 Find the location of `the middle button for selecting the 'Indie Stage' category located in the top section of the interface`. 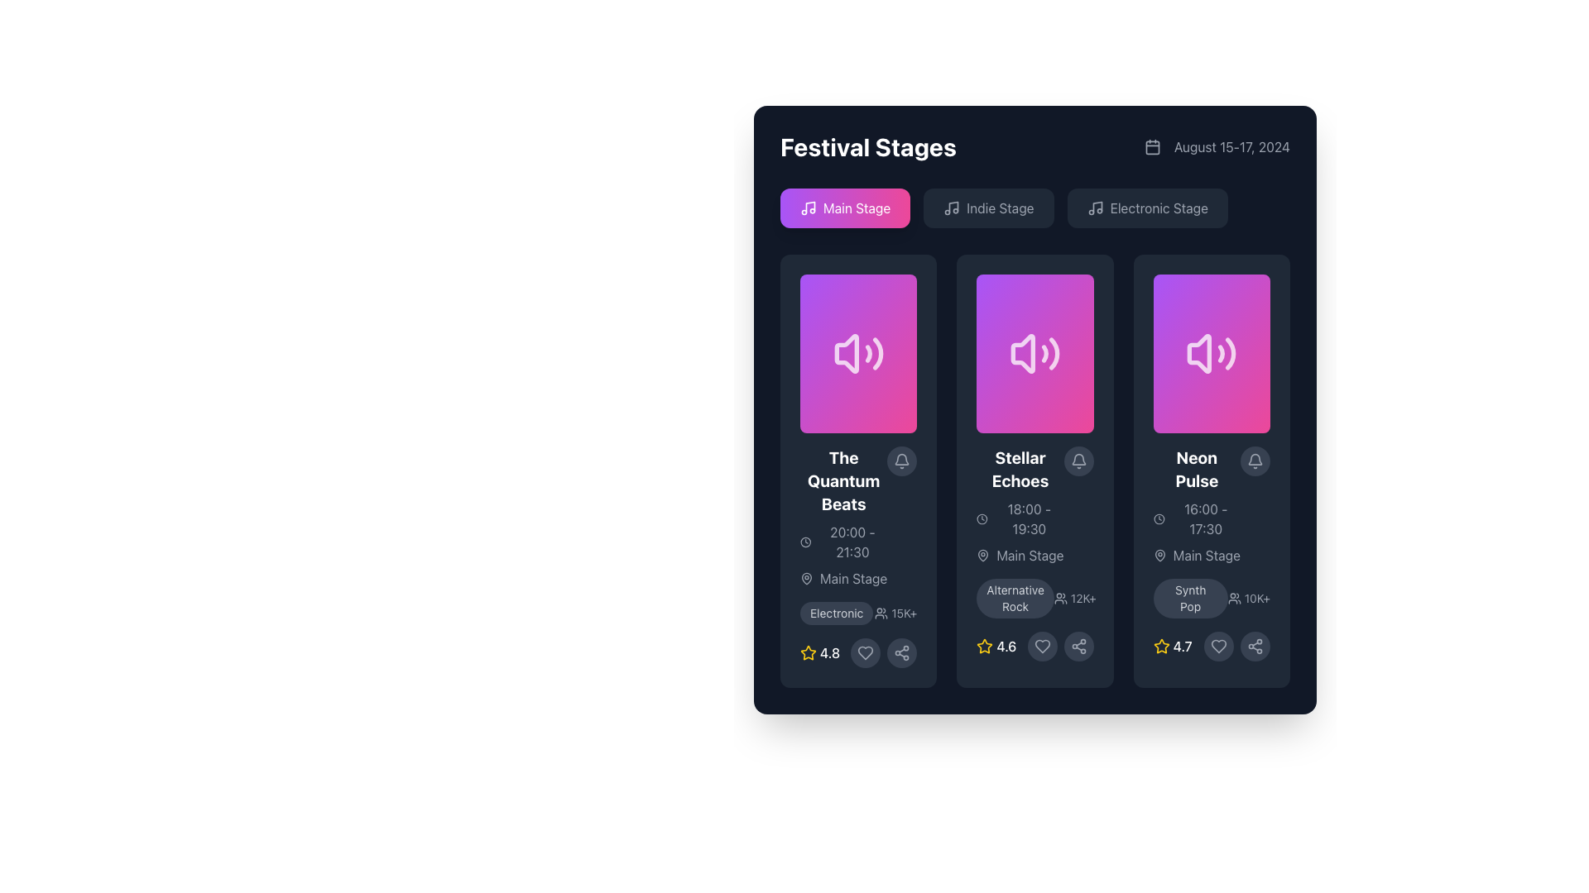

the middle button for selecting the 'Indie Stage' category located in the top section of the interface is located at coordinates (1035, 207).